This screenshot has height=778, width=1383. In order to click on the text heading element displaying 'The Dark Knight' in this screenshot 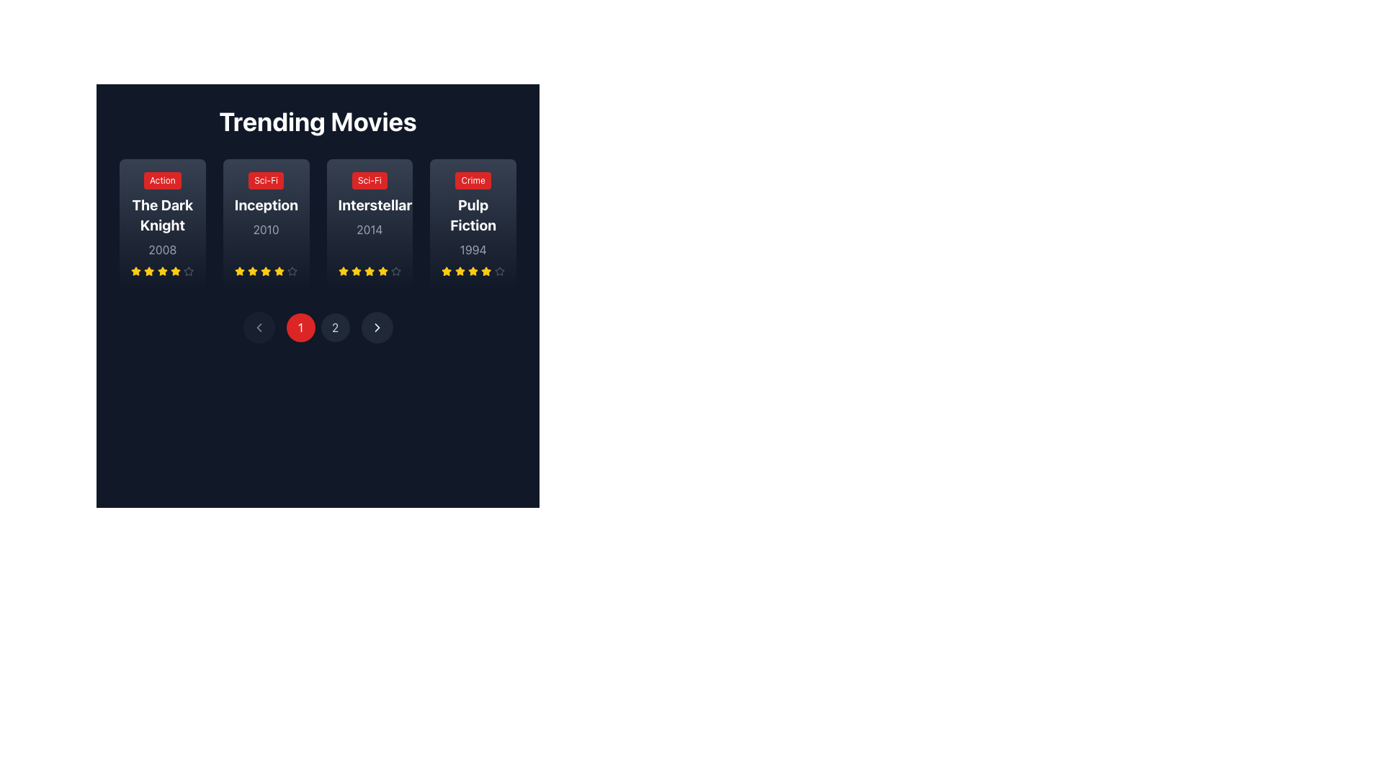, I will do `click(162, 215)`.